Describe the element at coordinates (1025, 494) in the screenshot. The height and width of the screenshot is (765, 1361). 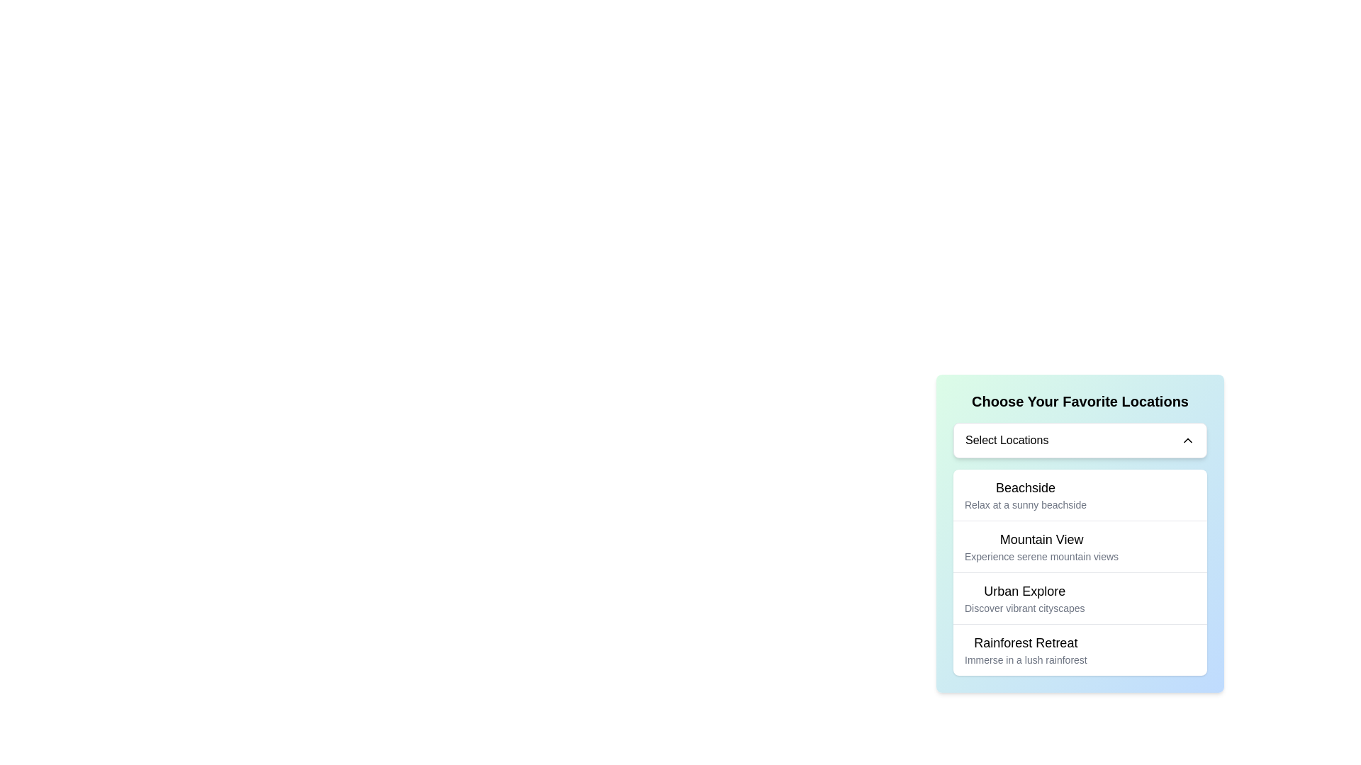
I see `the text block labeled 'Beachside'` at that location.